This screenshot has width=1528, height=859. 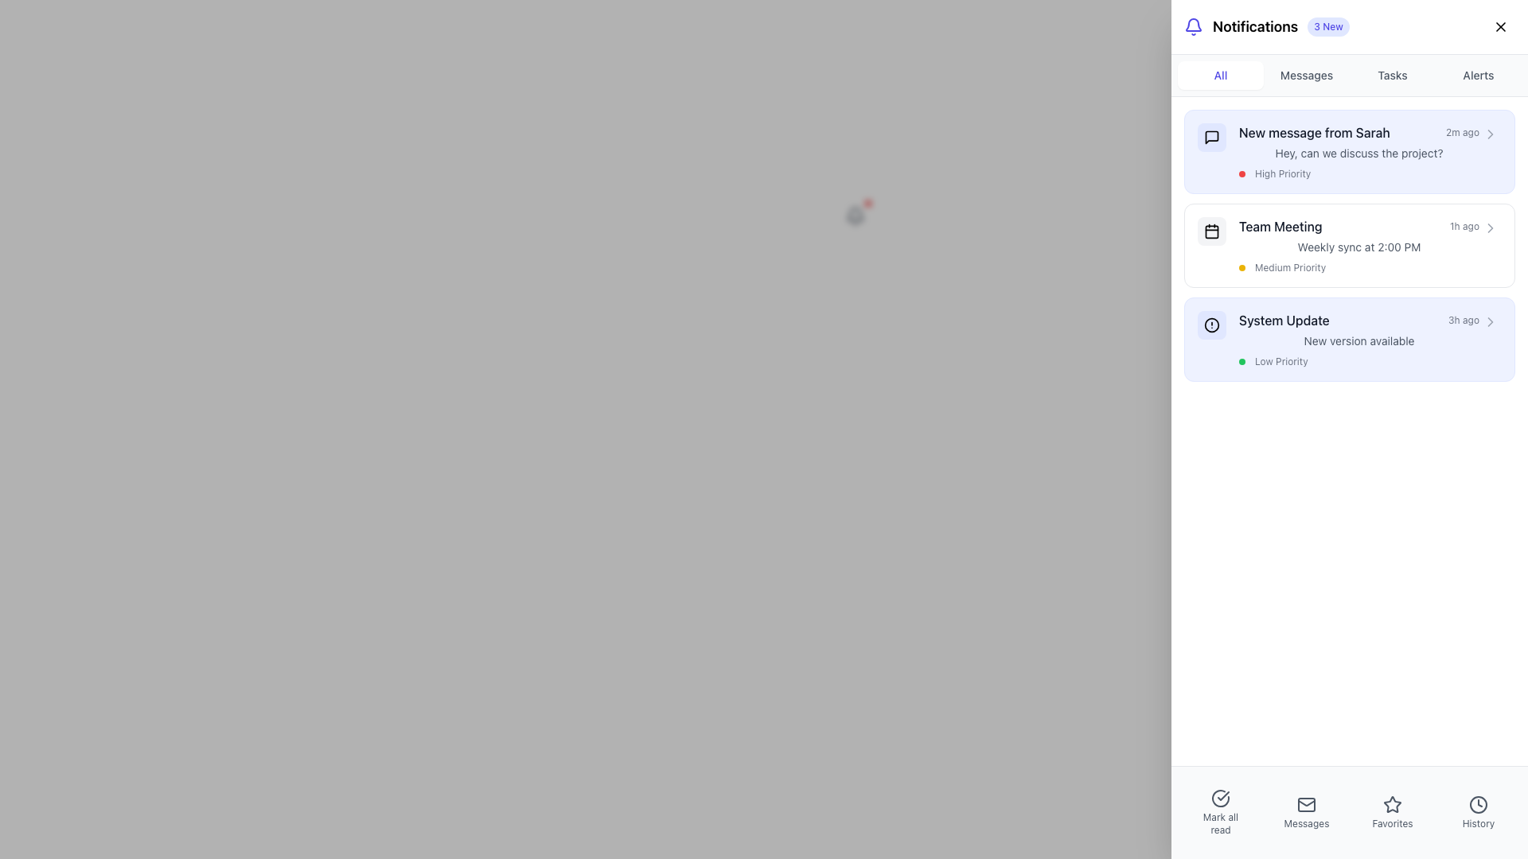 What do you see at coordinates (1284, 320) in the screenshot?
I see `the 'System Update' text label, which is styled with medium weight font and dark gray color, positioned in the third position of a vertical list of notifications under the 'Team Meeting' notification` at bounding box center [1284, 320].